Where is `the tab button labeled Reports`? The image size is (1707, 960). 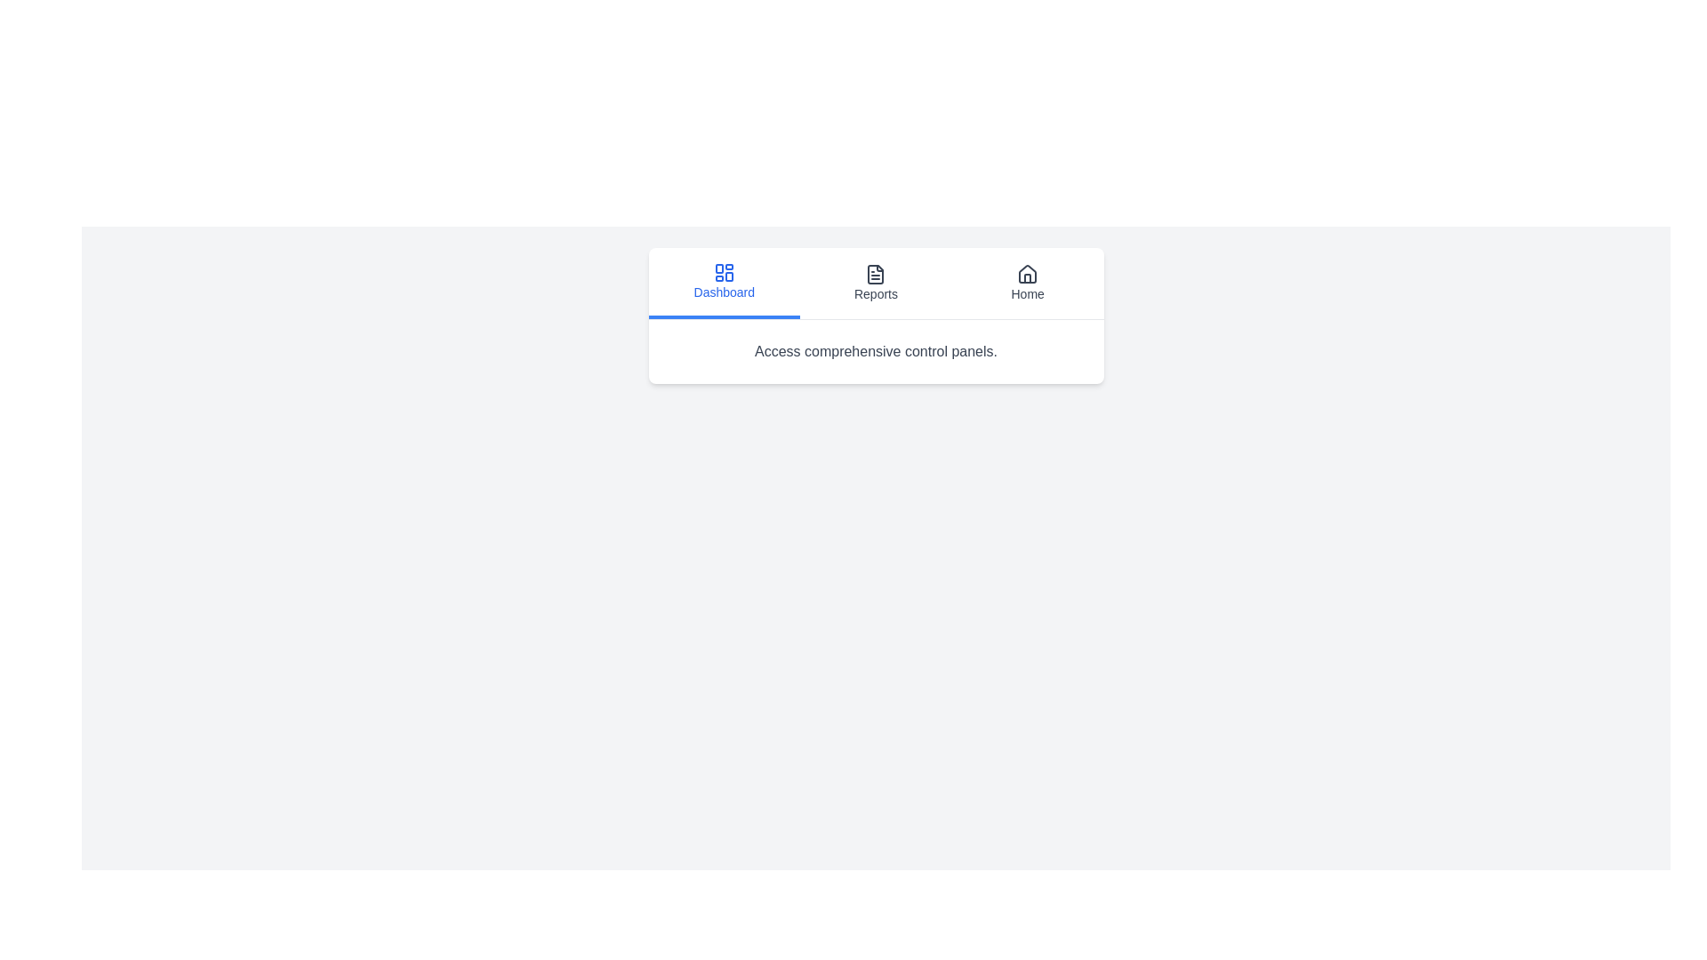 the tab button labeled Reports is located at coordinates (876, 283).